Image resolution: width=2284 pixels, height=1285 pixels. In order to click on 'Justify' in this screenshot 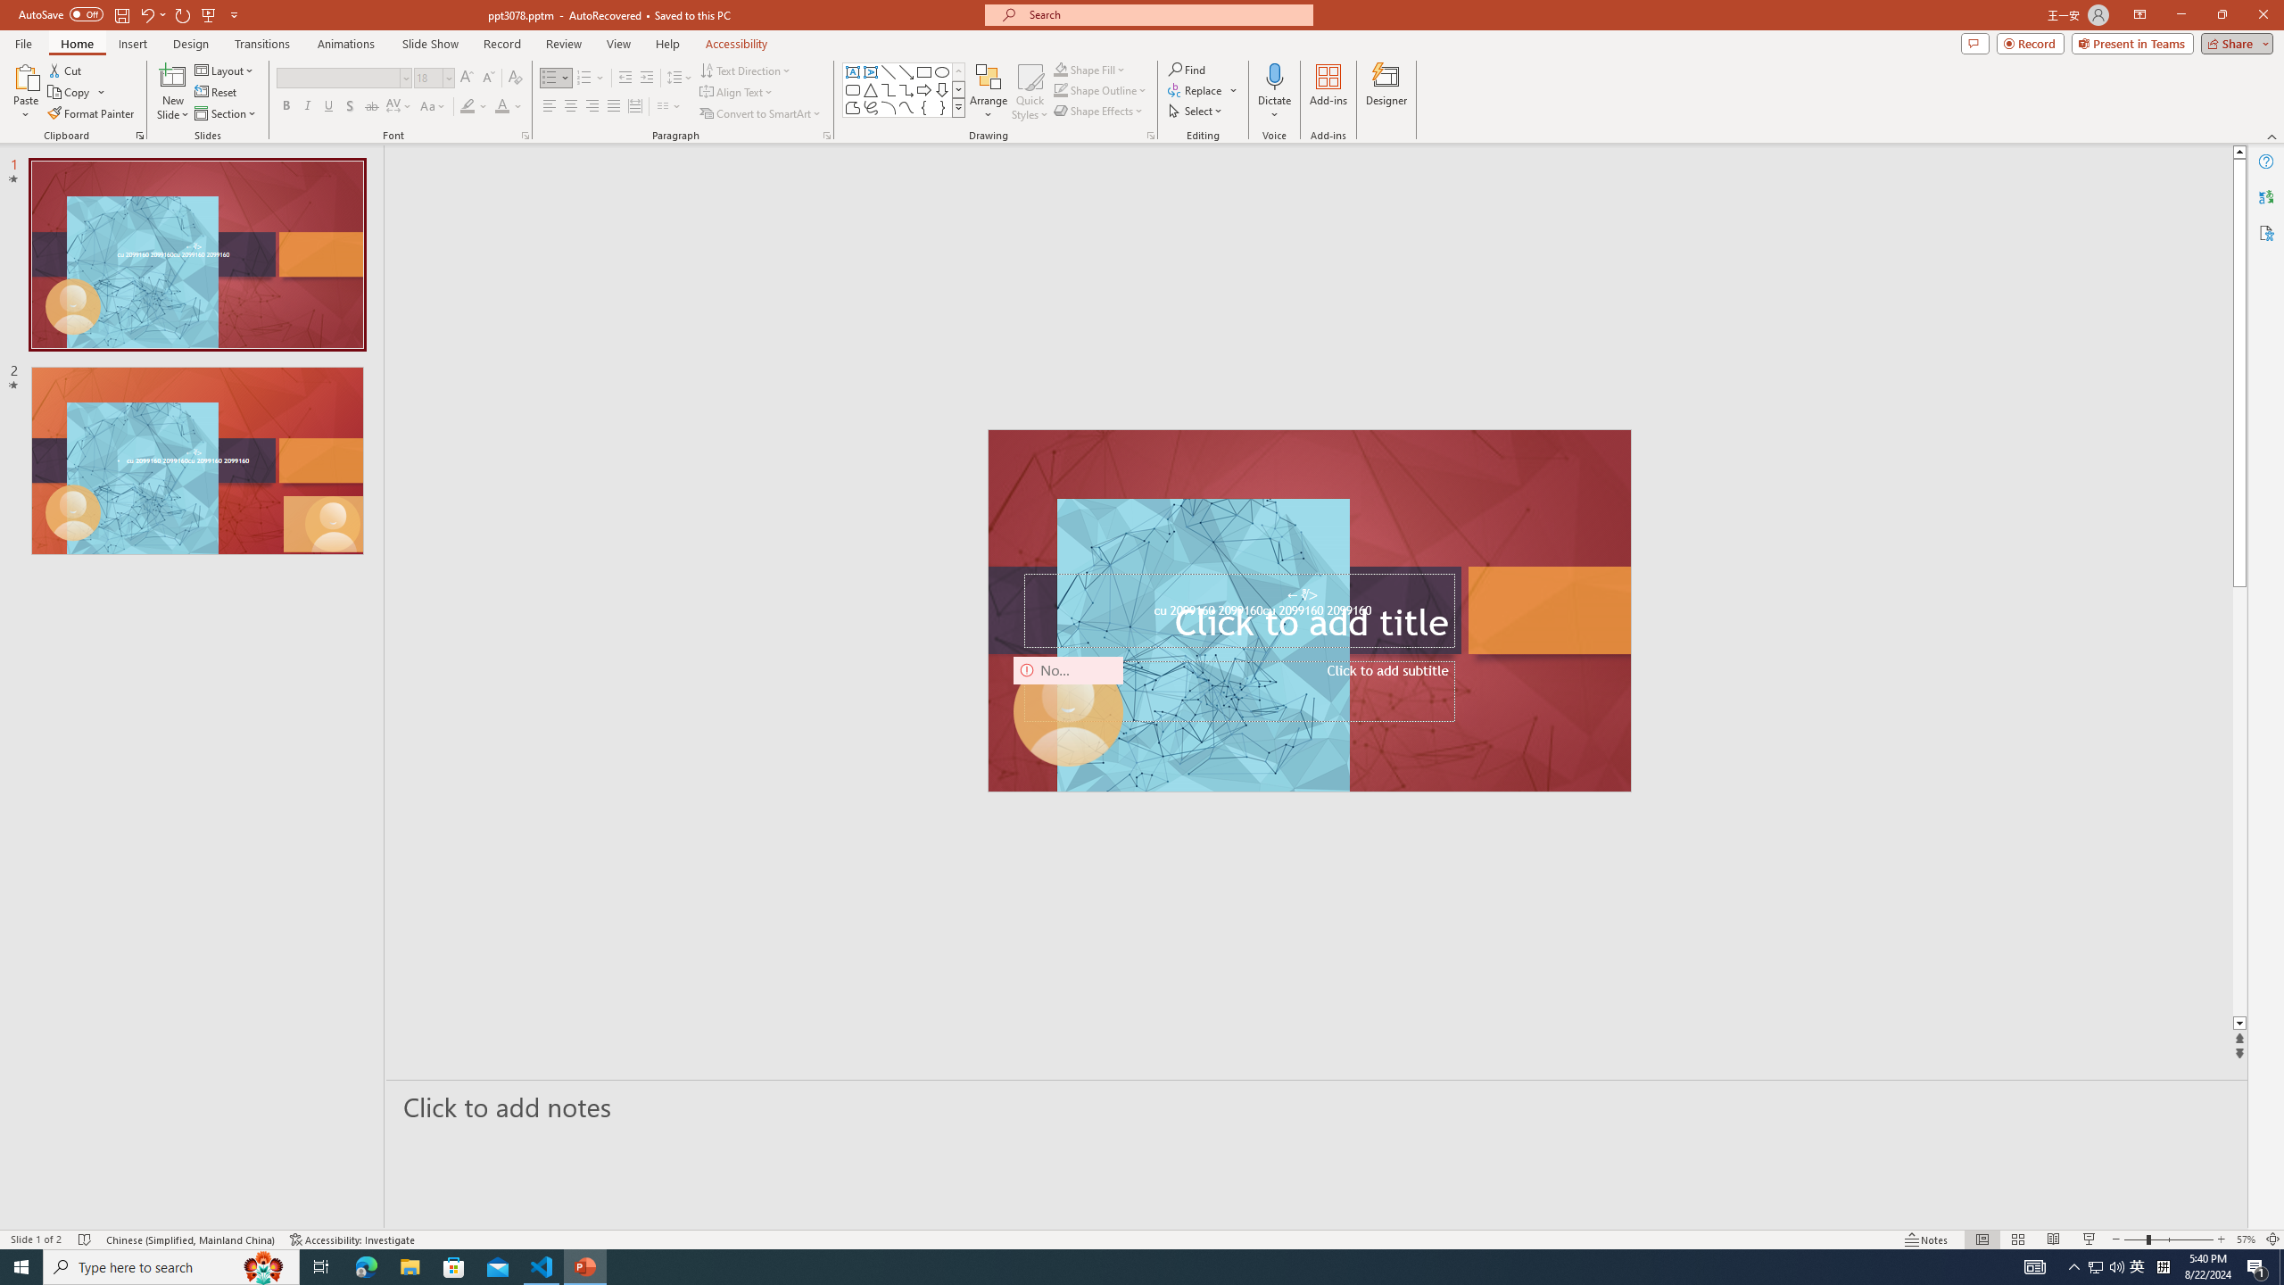, I will do `click(612, 105)`.